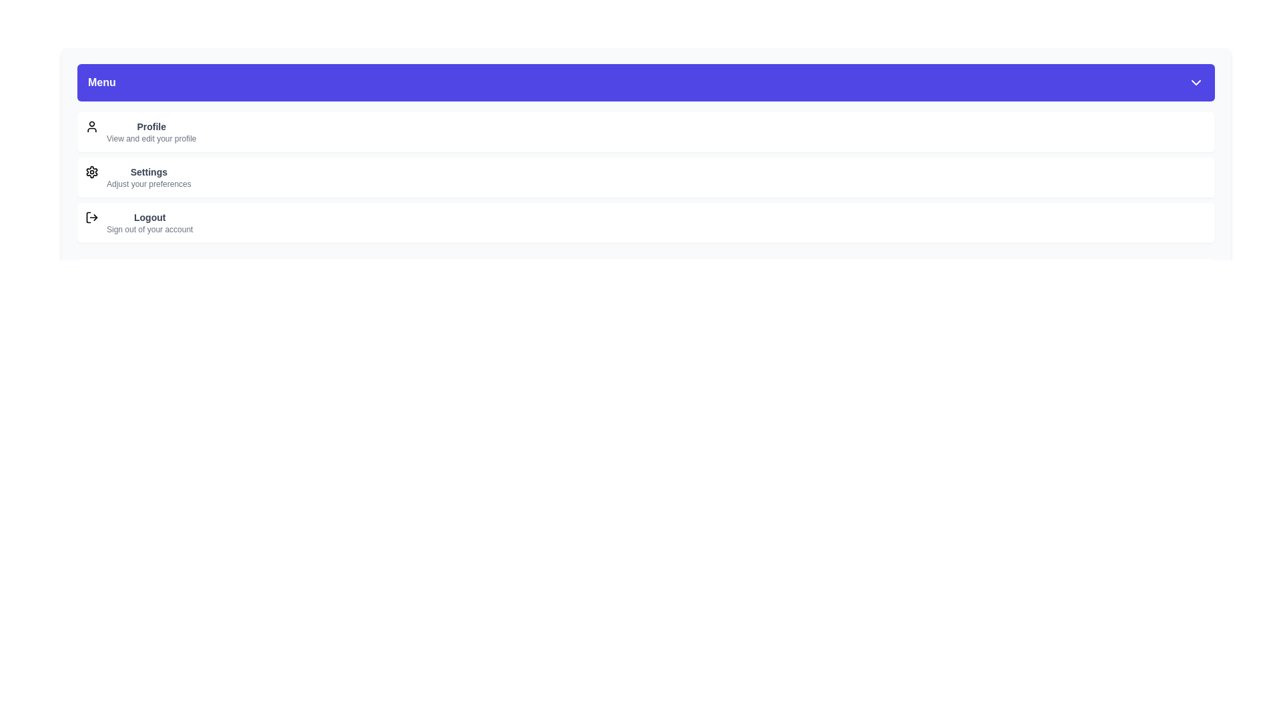 This screenshot has height=721, width=1281. Describe the element at coordinates (646, 177) in the screenshot. I see `the menu item labeled Settings to highlight it` at that location.